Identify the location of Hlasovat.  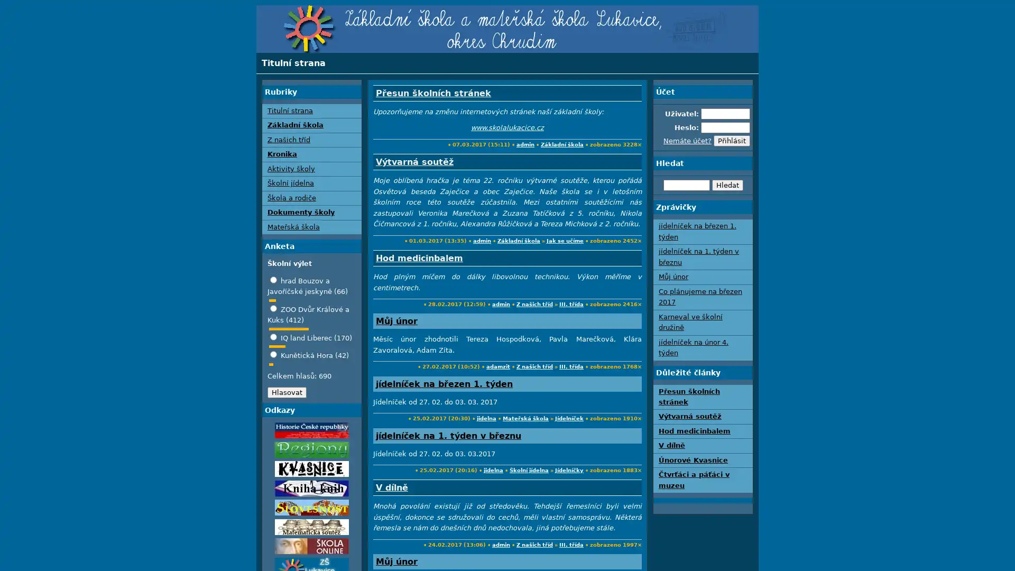
(287, 392).